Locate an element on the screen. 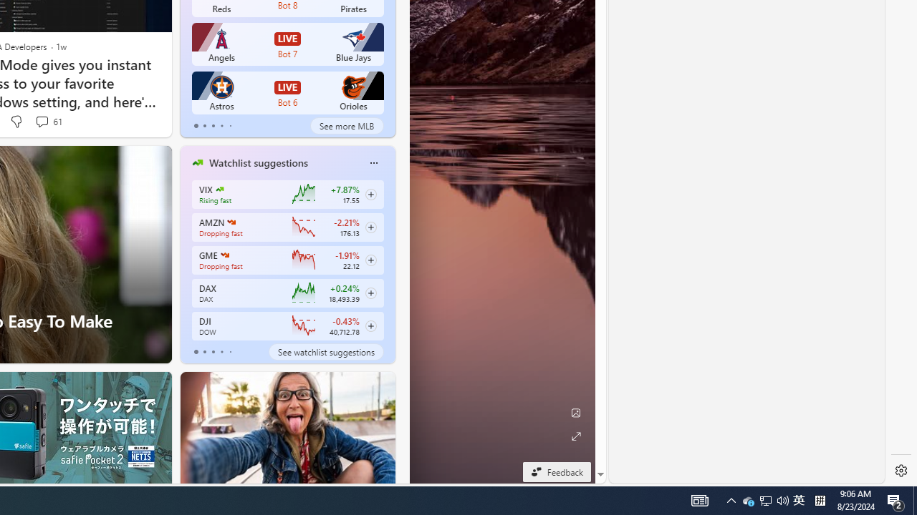  'tab-2' is located at coordinates (212, 352).